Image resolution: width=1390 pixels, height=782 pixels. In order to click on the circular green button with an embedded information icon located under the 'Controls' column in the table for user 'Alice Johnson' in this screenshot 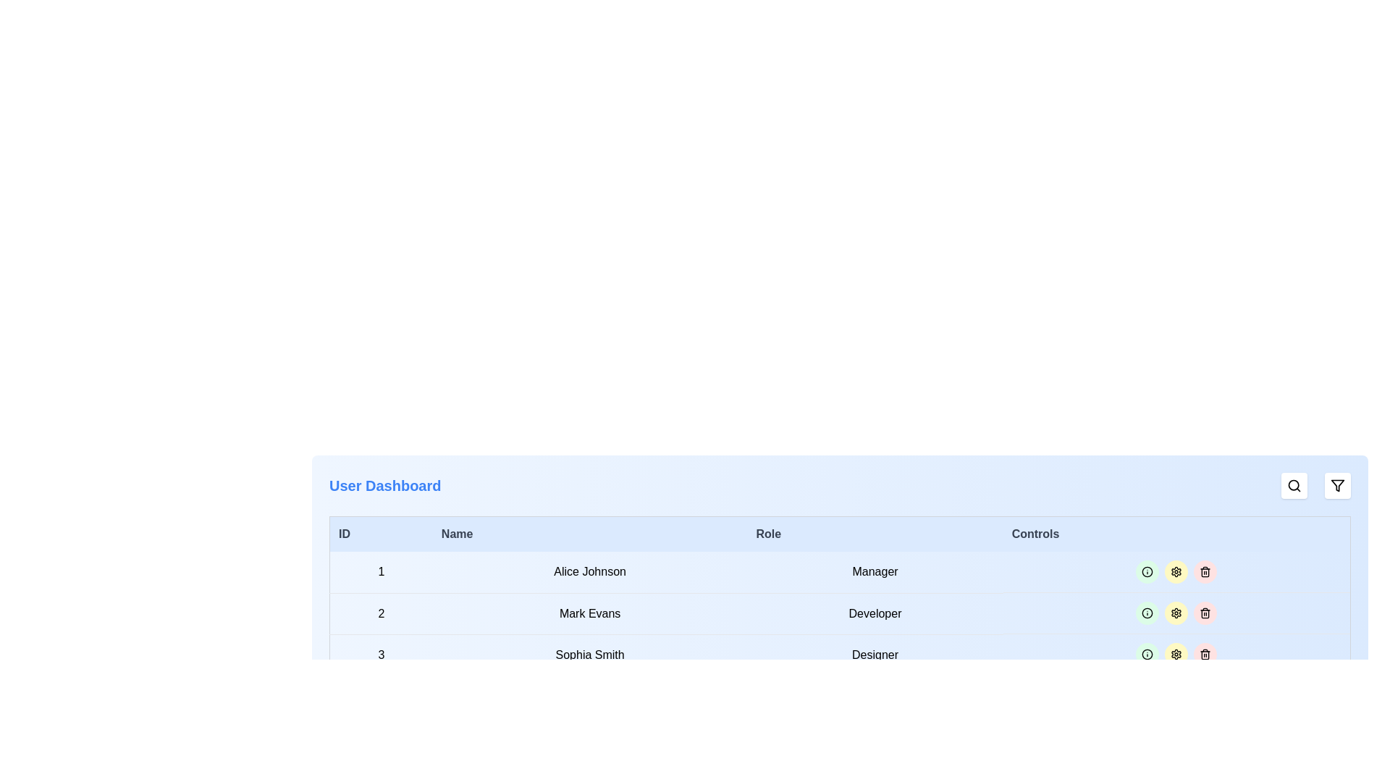, I will do `click(1147, 571)`.